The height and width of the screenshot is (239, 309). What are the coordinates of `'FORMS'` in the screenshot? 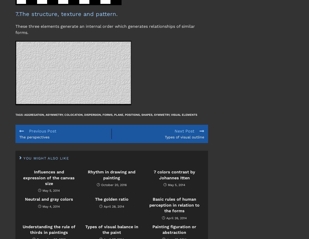 It's located at (107, 114).